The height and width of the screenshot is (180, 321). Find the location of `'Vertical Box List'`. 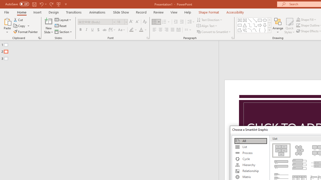

'Vertical Box List' is located at coordinates (299, 164).